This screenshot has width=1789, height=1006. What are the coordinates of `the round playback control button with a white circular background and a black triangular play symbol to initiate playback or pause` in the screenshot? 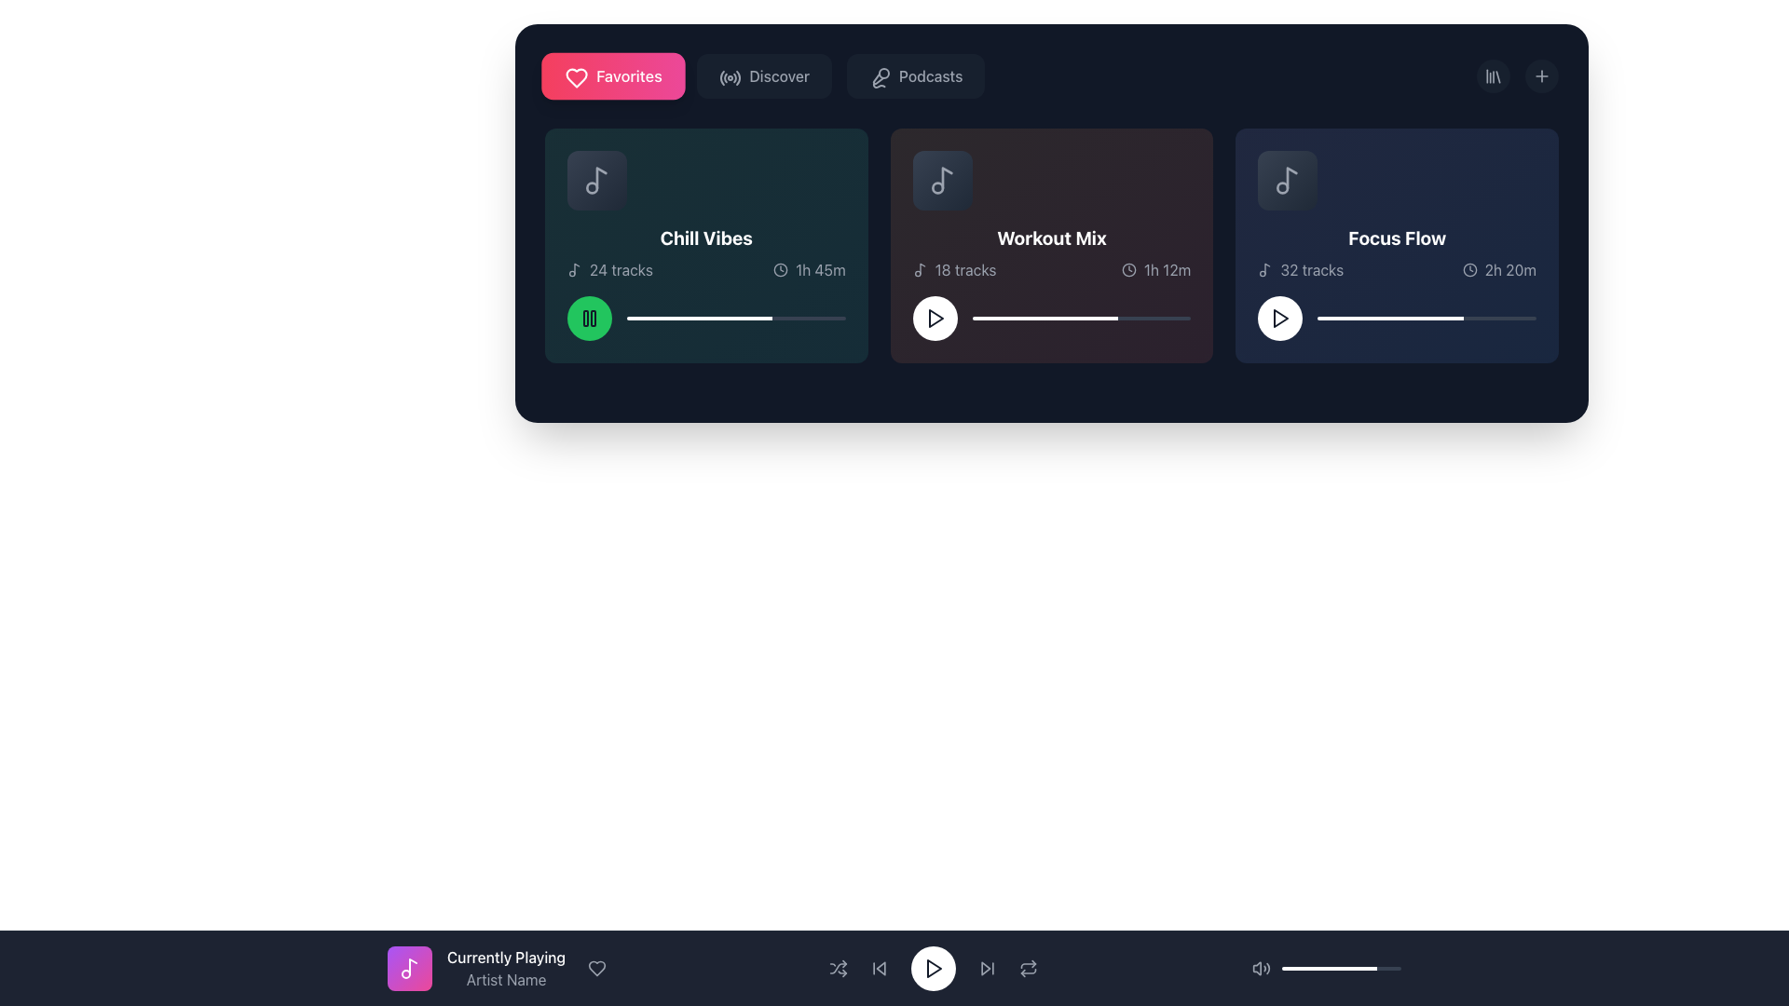 It's located at (933, 968).